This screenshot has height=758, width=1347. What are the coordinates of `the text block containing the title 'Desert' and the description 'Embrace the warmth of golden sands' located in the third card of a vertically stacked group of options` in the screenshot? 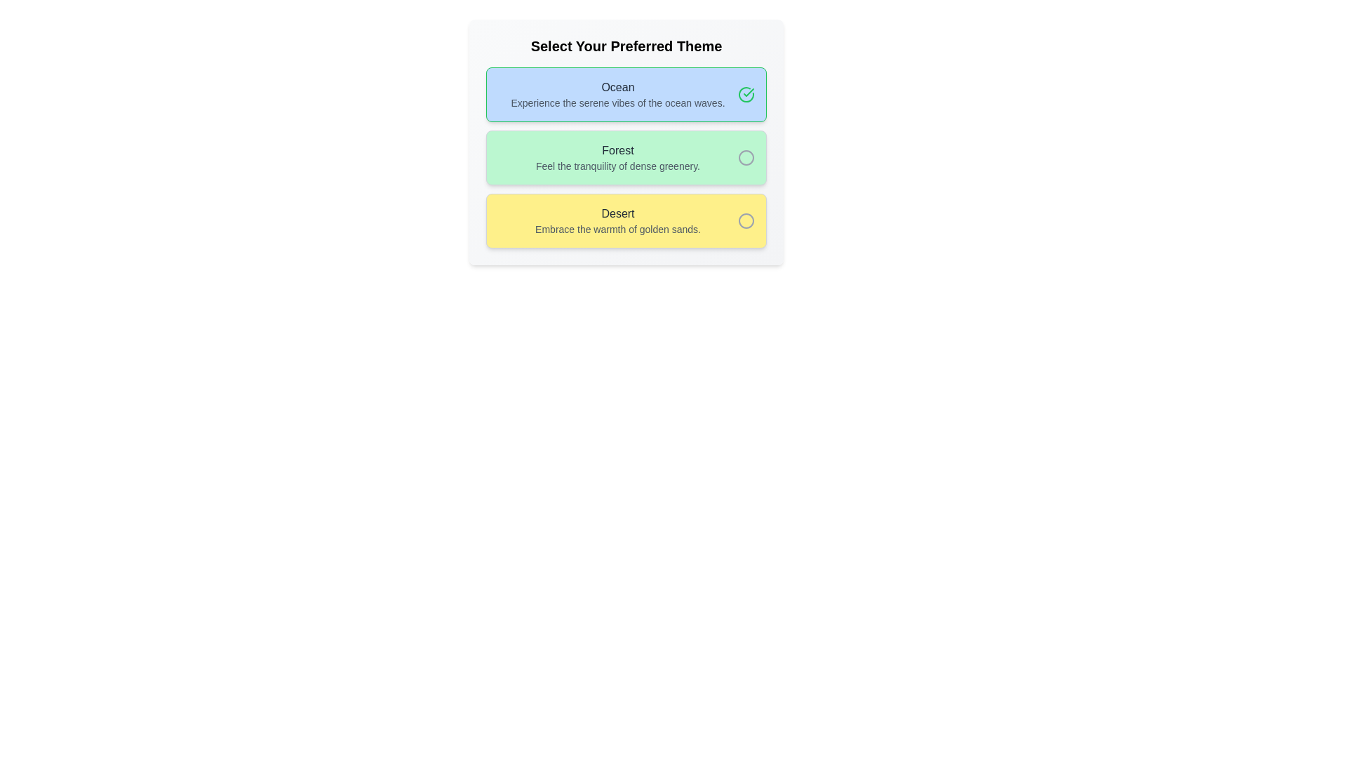 It's located at (617, 221).